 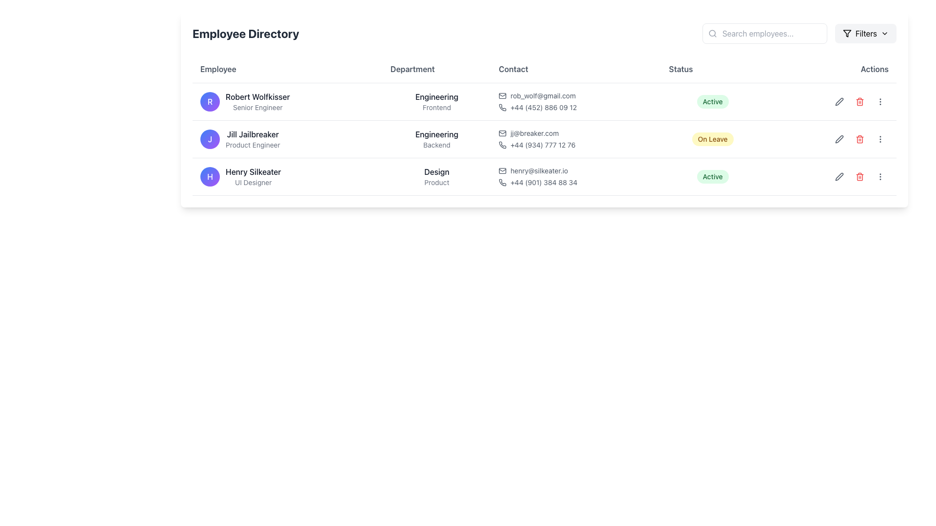 What do you see at coordinates (287, 101) in the screenshot?
I see `the label displaying 'Robert Wolfkisser', styled in bold, located` at bounding box center [287, 101].